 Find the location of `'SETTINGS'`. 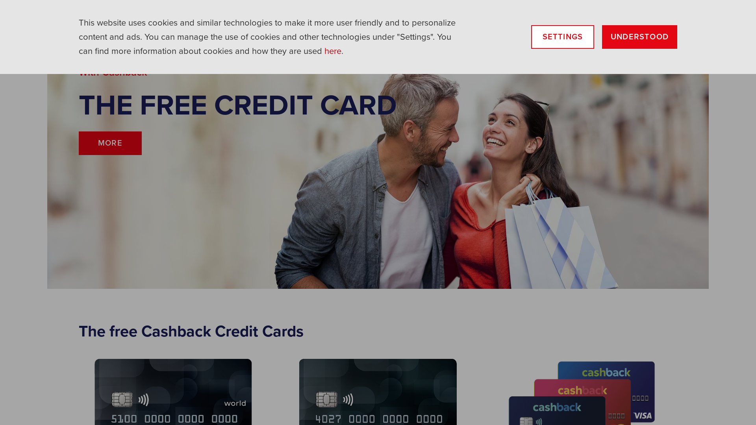

'SETTINGS' is located at coordinates (562, 37).